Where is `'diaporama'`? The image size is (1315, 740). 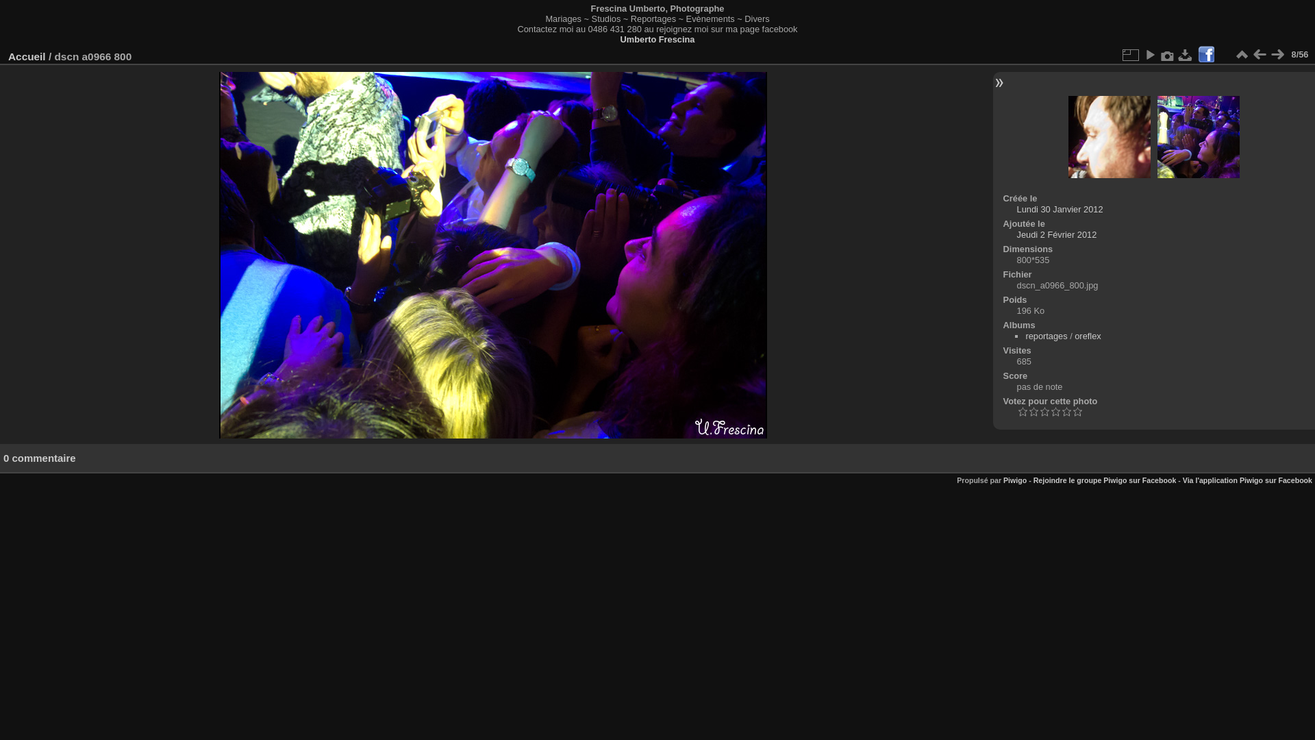 'diaporama' is located at coordinates (1150, 54).